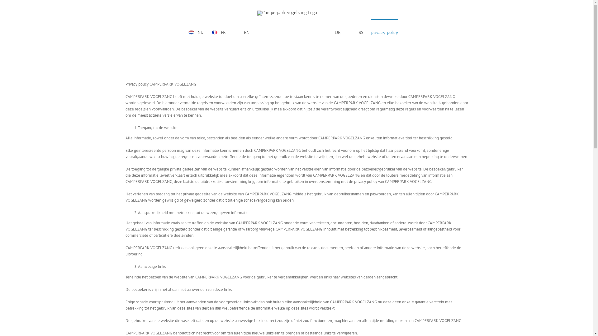 The height and width of the screenshot is (336, 598). What do you see at coordinates (329, 32) in the screenshot?
I see `'germany_640'` at bounding box center [329, 32].